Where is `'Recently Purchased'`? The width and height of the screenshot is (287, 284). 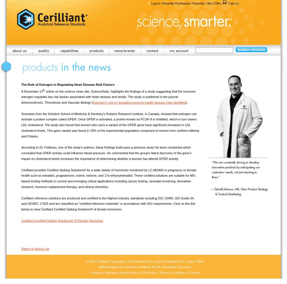
'Recently Purchased' is located at coordinates (176, 3).